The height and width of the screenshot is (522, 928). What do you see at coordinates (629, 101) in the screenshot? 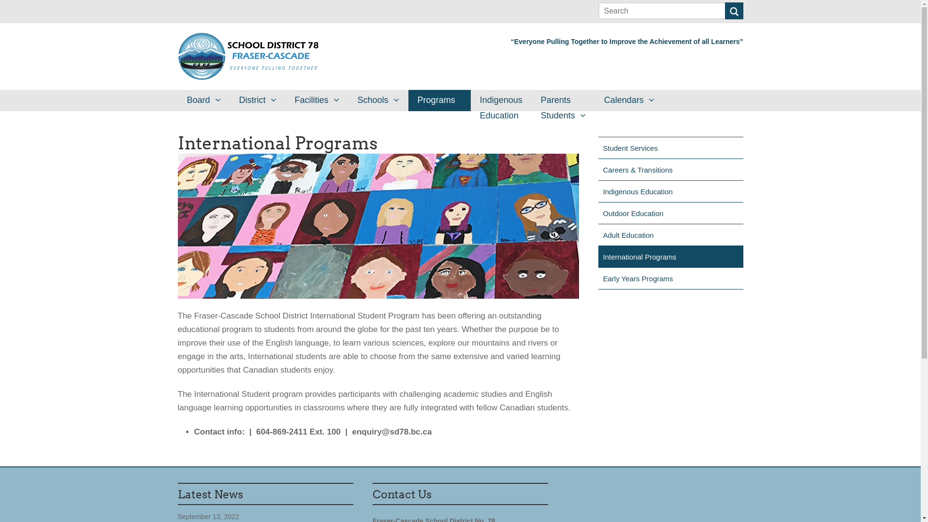
I see `'Calendars'` at bounding box center [629, 101].